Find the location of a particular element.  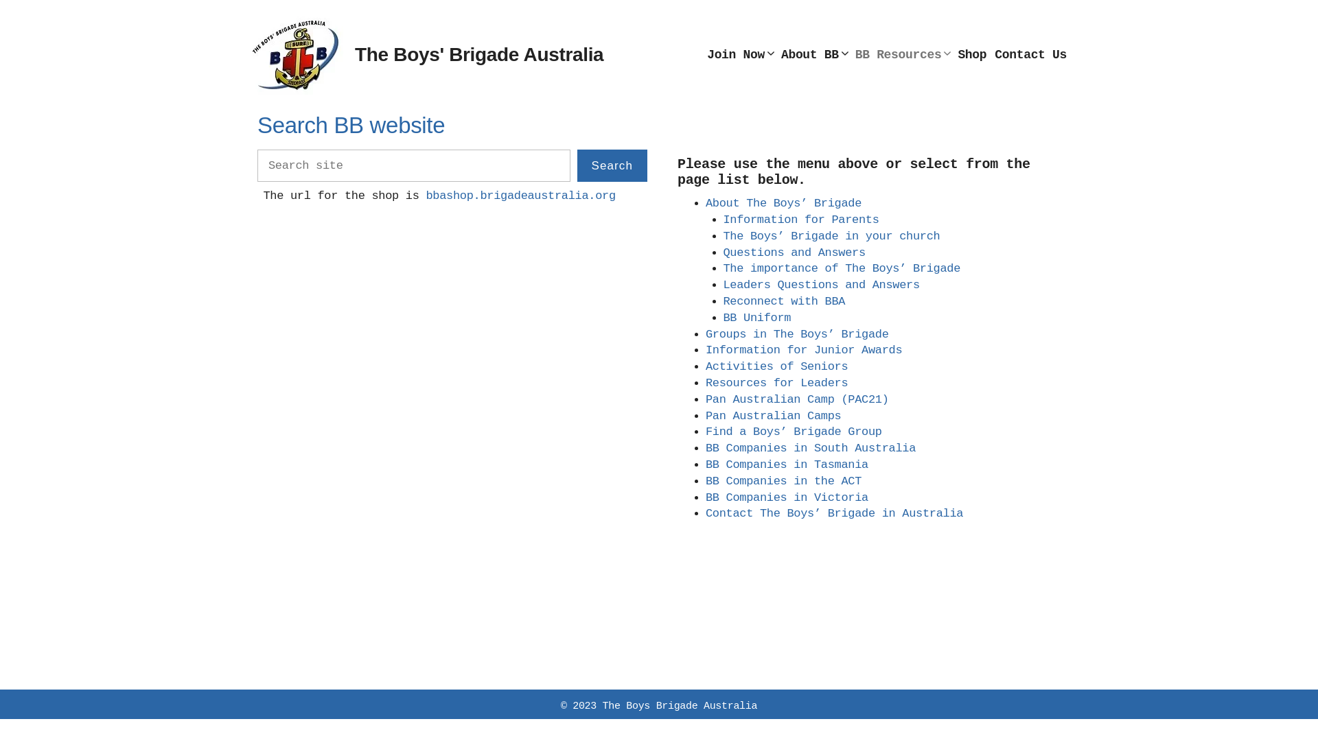

'Shop' is located at coordinates (971, 54).